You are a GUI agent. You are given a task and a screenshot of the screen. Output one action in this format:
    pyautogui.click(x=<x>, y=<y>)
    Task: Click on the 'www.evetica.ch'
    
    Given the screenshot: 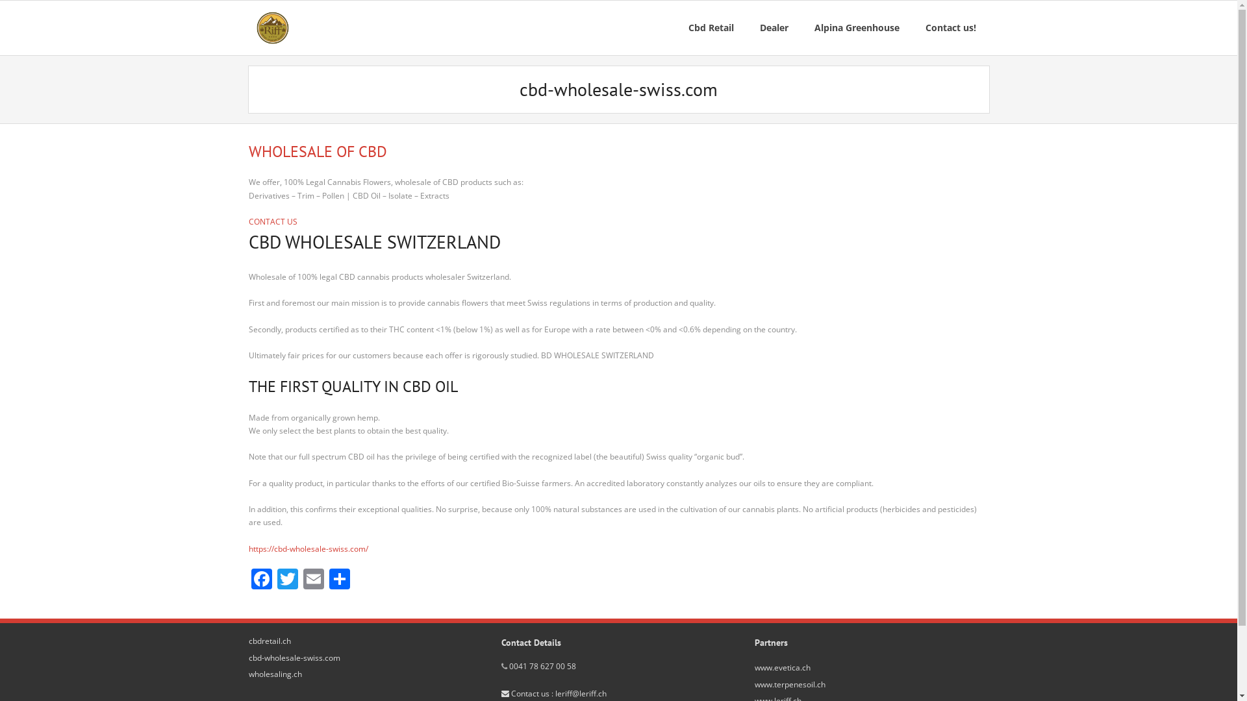 What is the action you would take?
    pyautogui.click(x=781, y=668)
    